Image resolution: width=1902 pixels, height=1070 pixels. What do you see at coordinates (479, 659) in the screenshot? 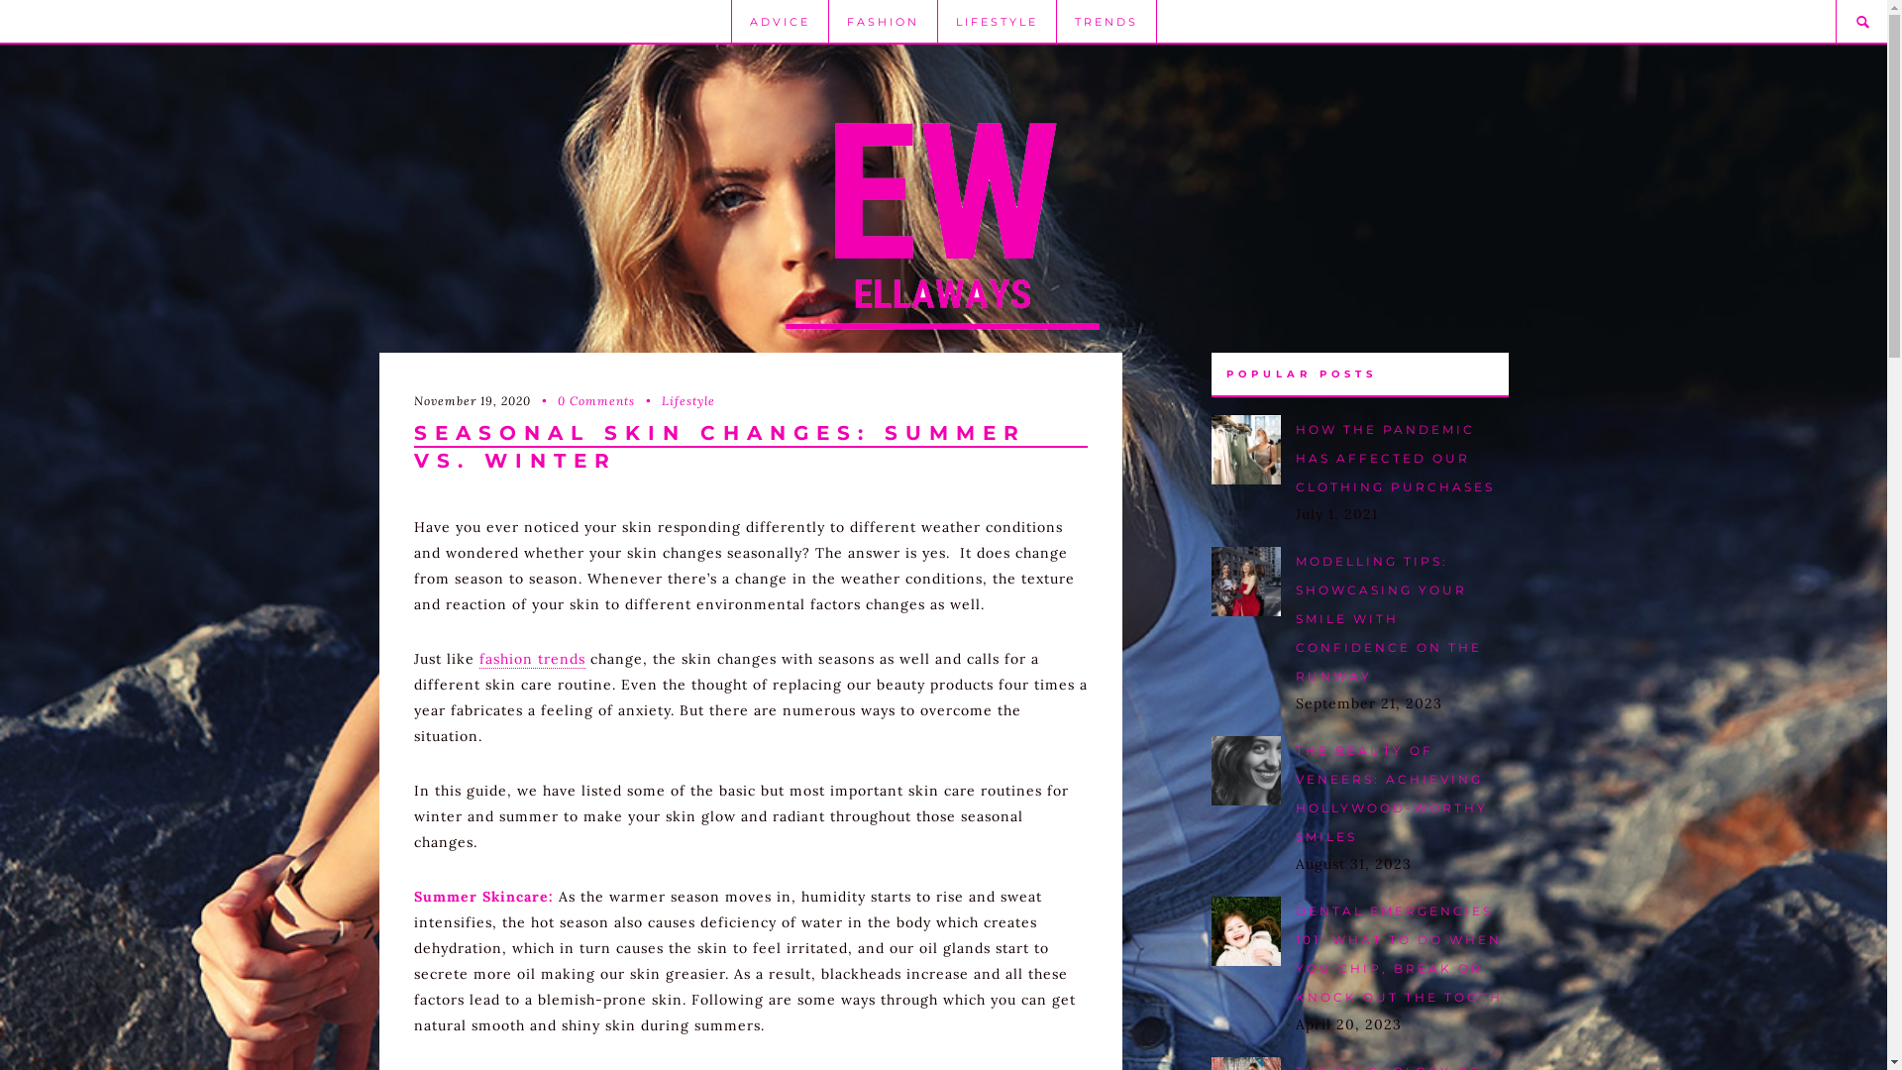
I see `'fashion trends'` at bounding box center [479, 659].